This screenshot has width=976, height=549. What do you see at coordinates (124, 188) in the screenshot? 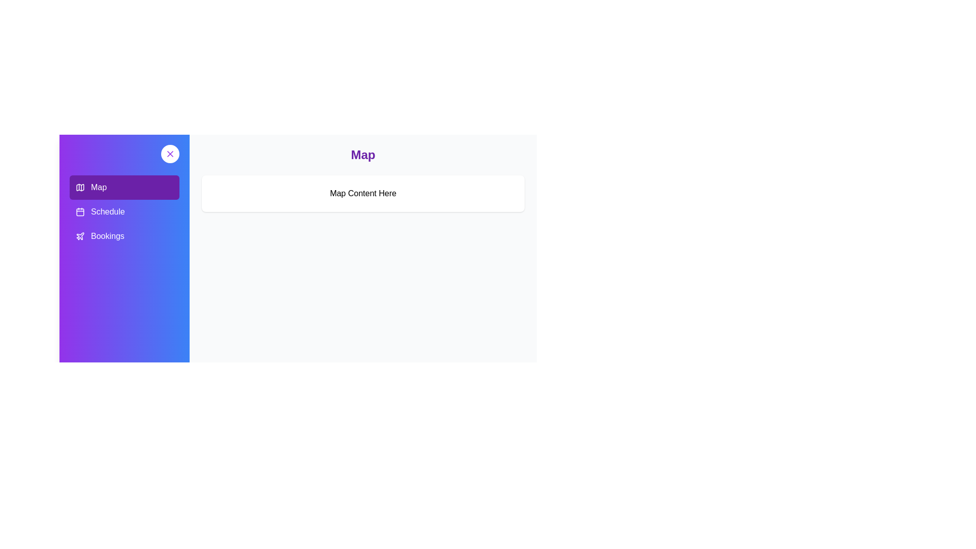
I see `the Map tab to observe its visual feedback` at bounding box center [124, 188].